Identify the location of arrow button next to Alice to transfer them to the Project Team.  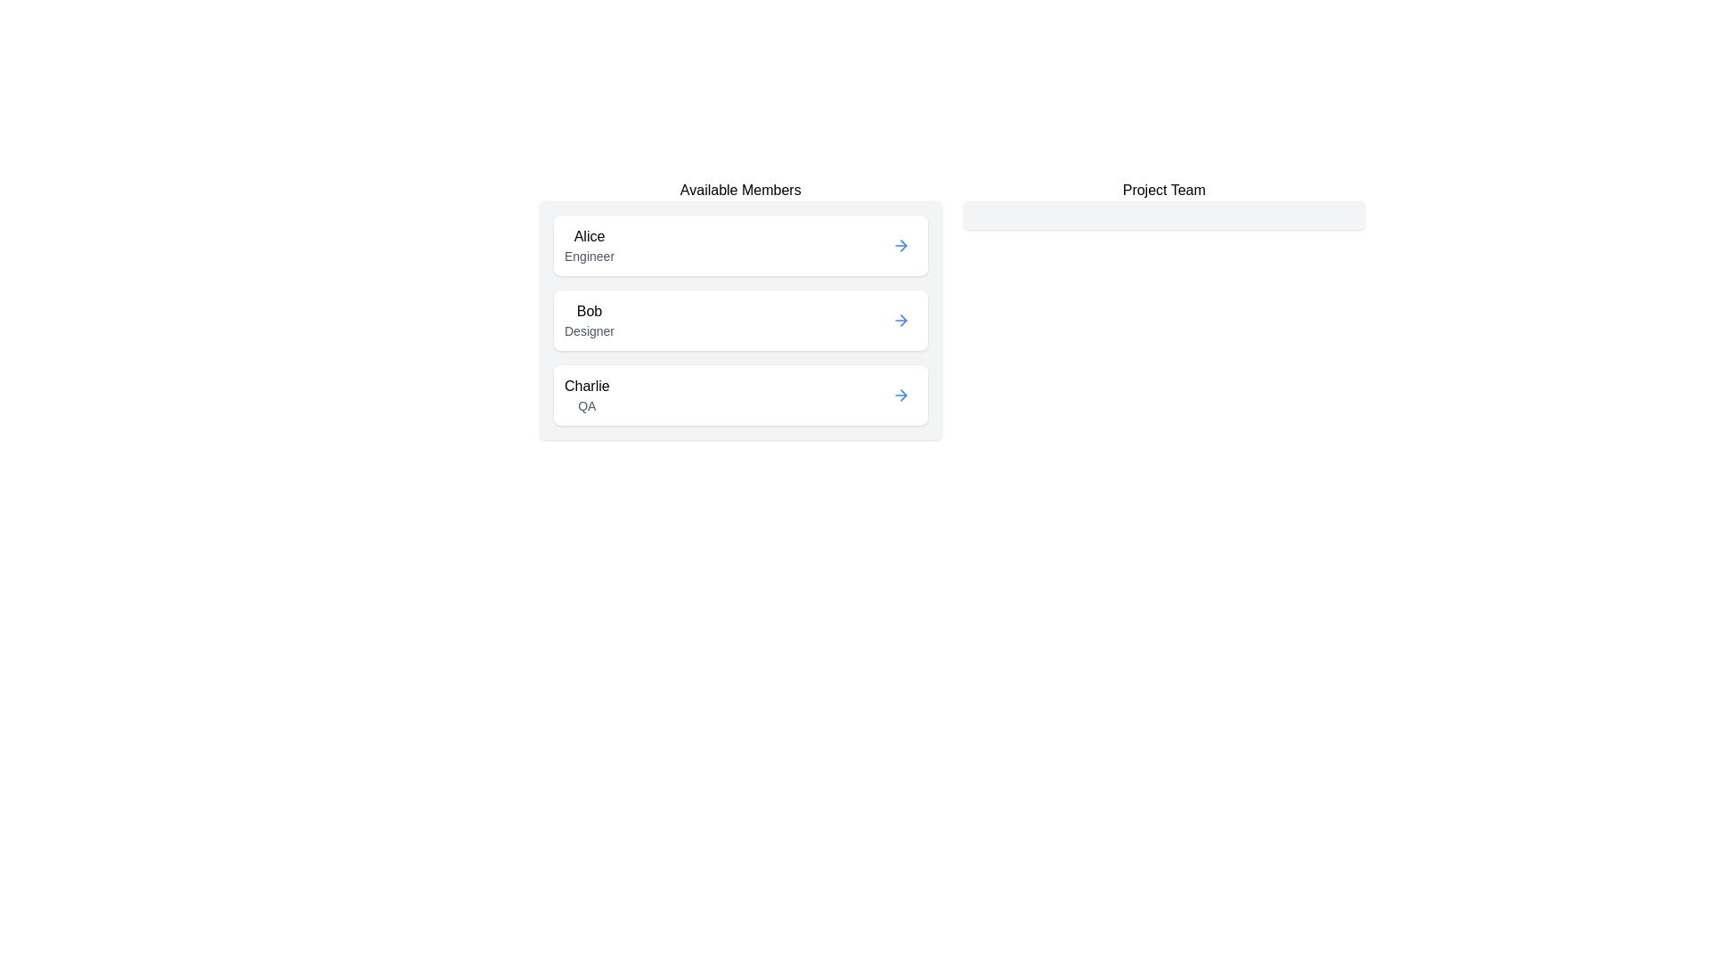
(900, 246).